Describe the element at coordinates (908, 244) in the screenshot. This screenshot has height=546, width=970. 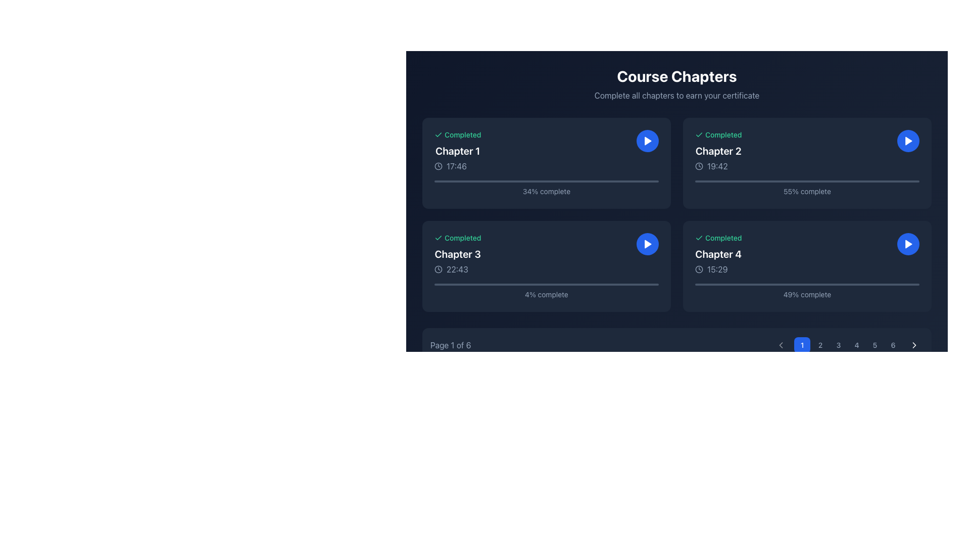
I see `the 'Play' button located in the bottom-right corner of the card for 'Chapter 4' to initiate playback` at that location.